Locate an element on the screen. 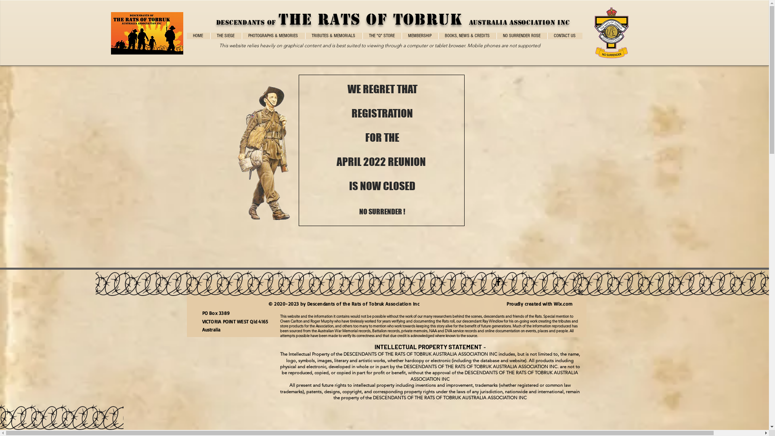  'CONTACT US' is located at coordinates (564, 35).